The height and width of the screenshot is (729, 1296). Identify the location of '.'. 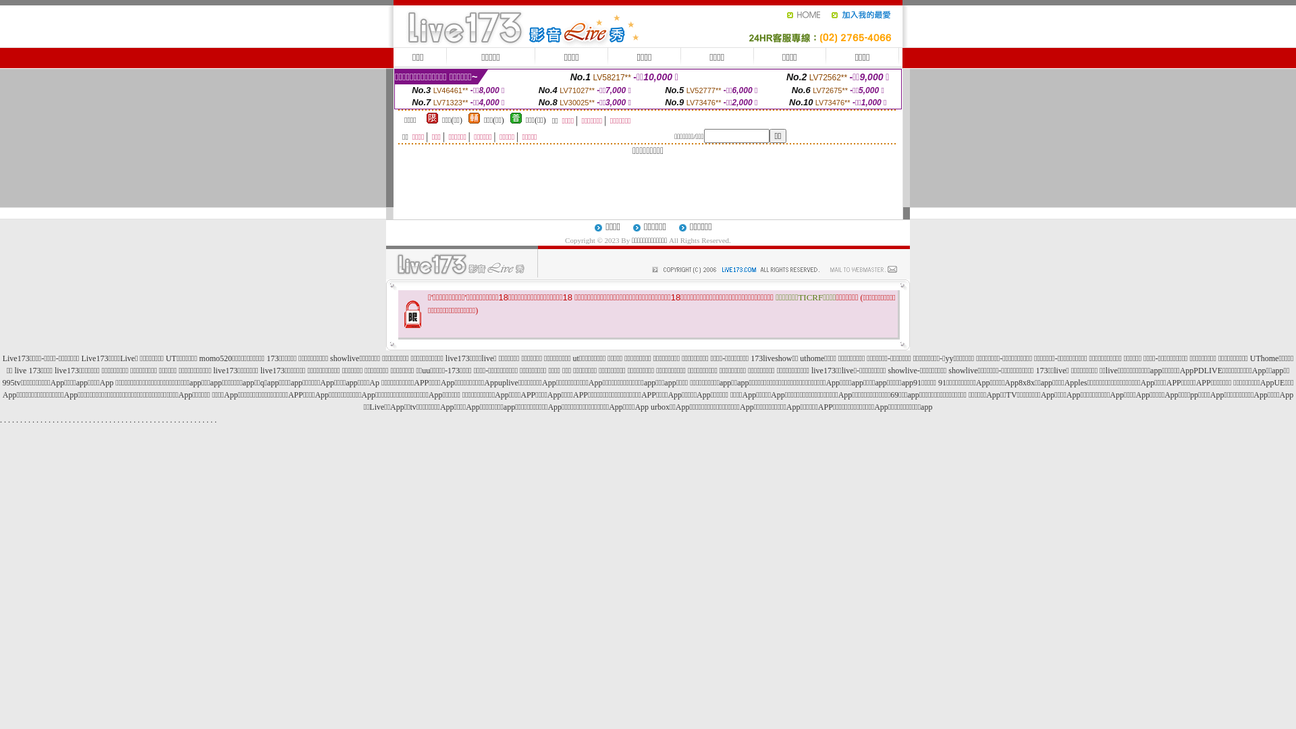
(213, 418).